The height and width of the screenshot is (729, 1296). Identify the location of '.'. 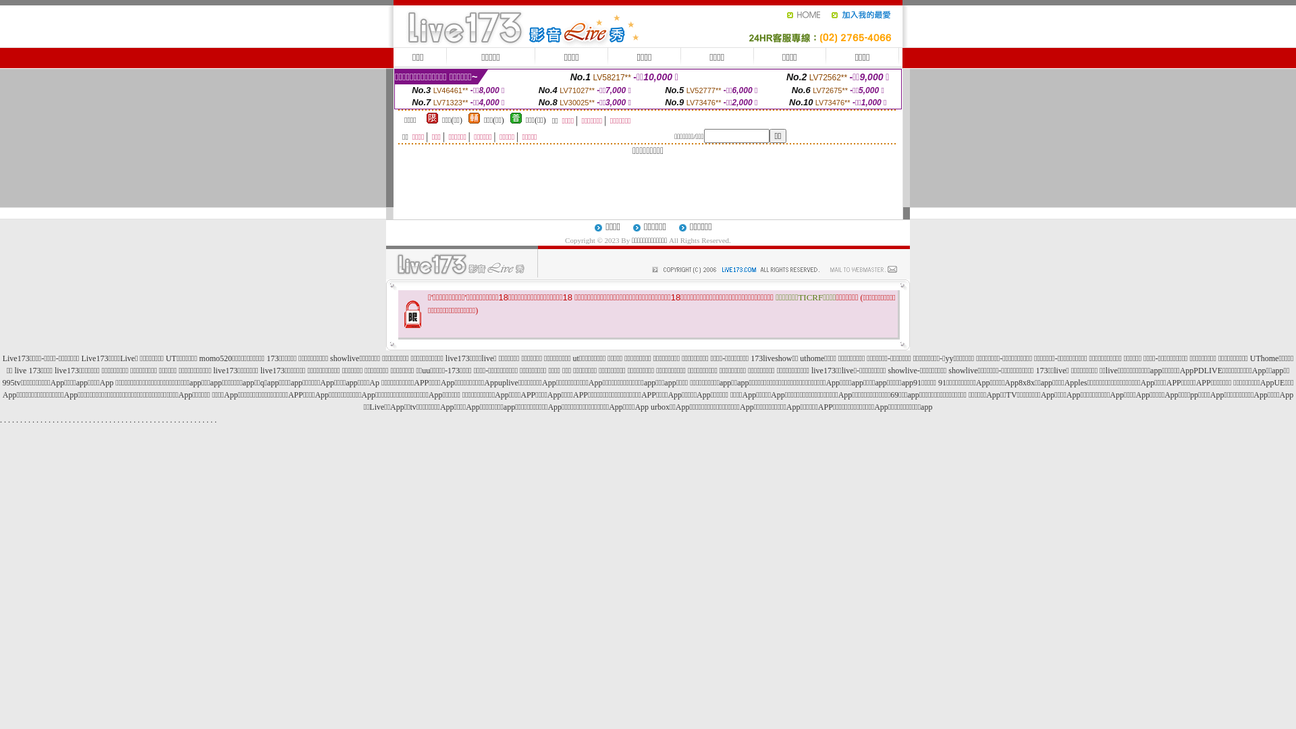
(213, 418).